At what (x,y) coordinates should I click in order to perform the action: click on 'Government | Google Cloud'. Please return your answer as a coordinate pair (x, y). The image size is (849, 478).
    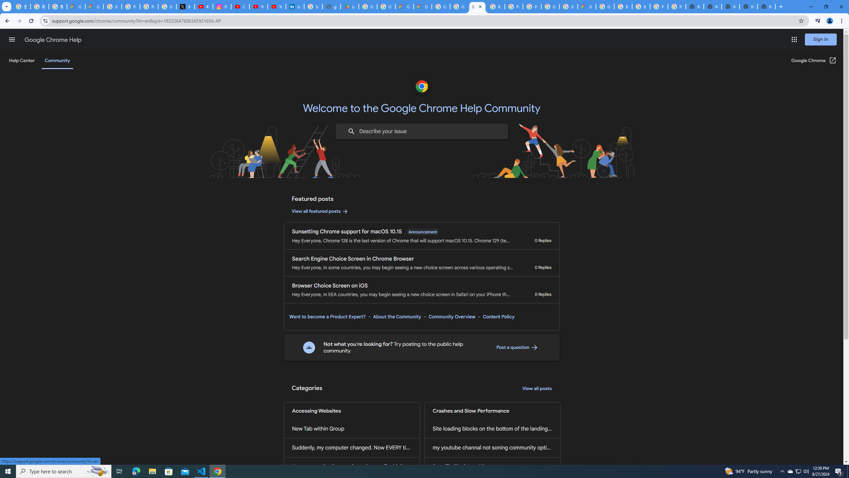
    Looking at the image, I should click on (404, 6).